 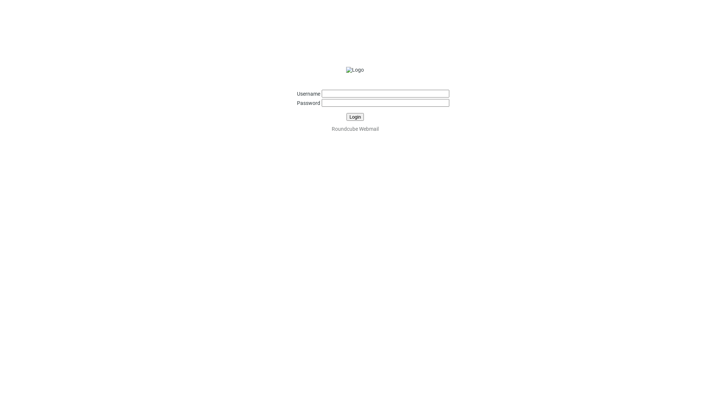 I want to click on 'Login', so click(x=346, y=116).